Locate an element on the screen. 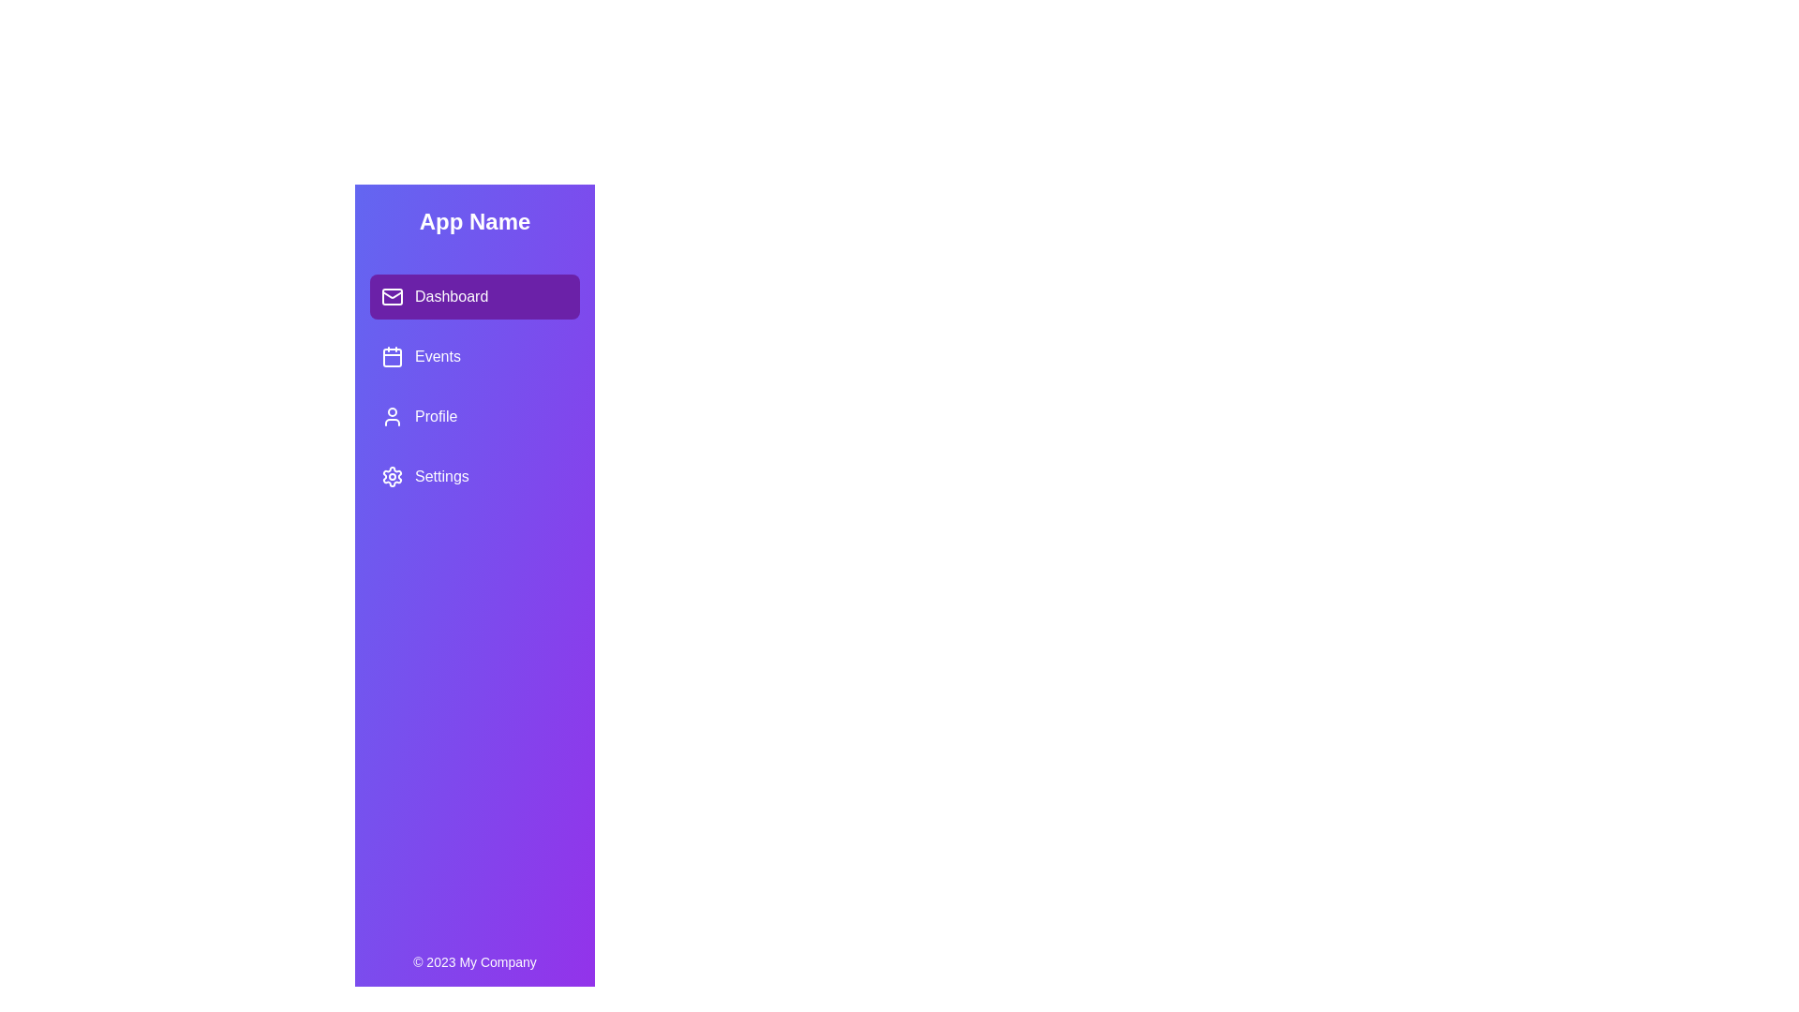 This screenshot has width=1799, height=1012. the navigation item Dashboard to highlight it is located at coordinates (475, 295).